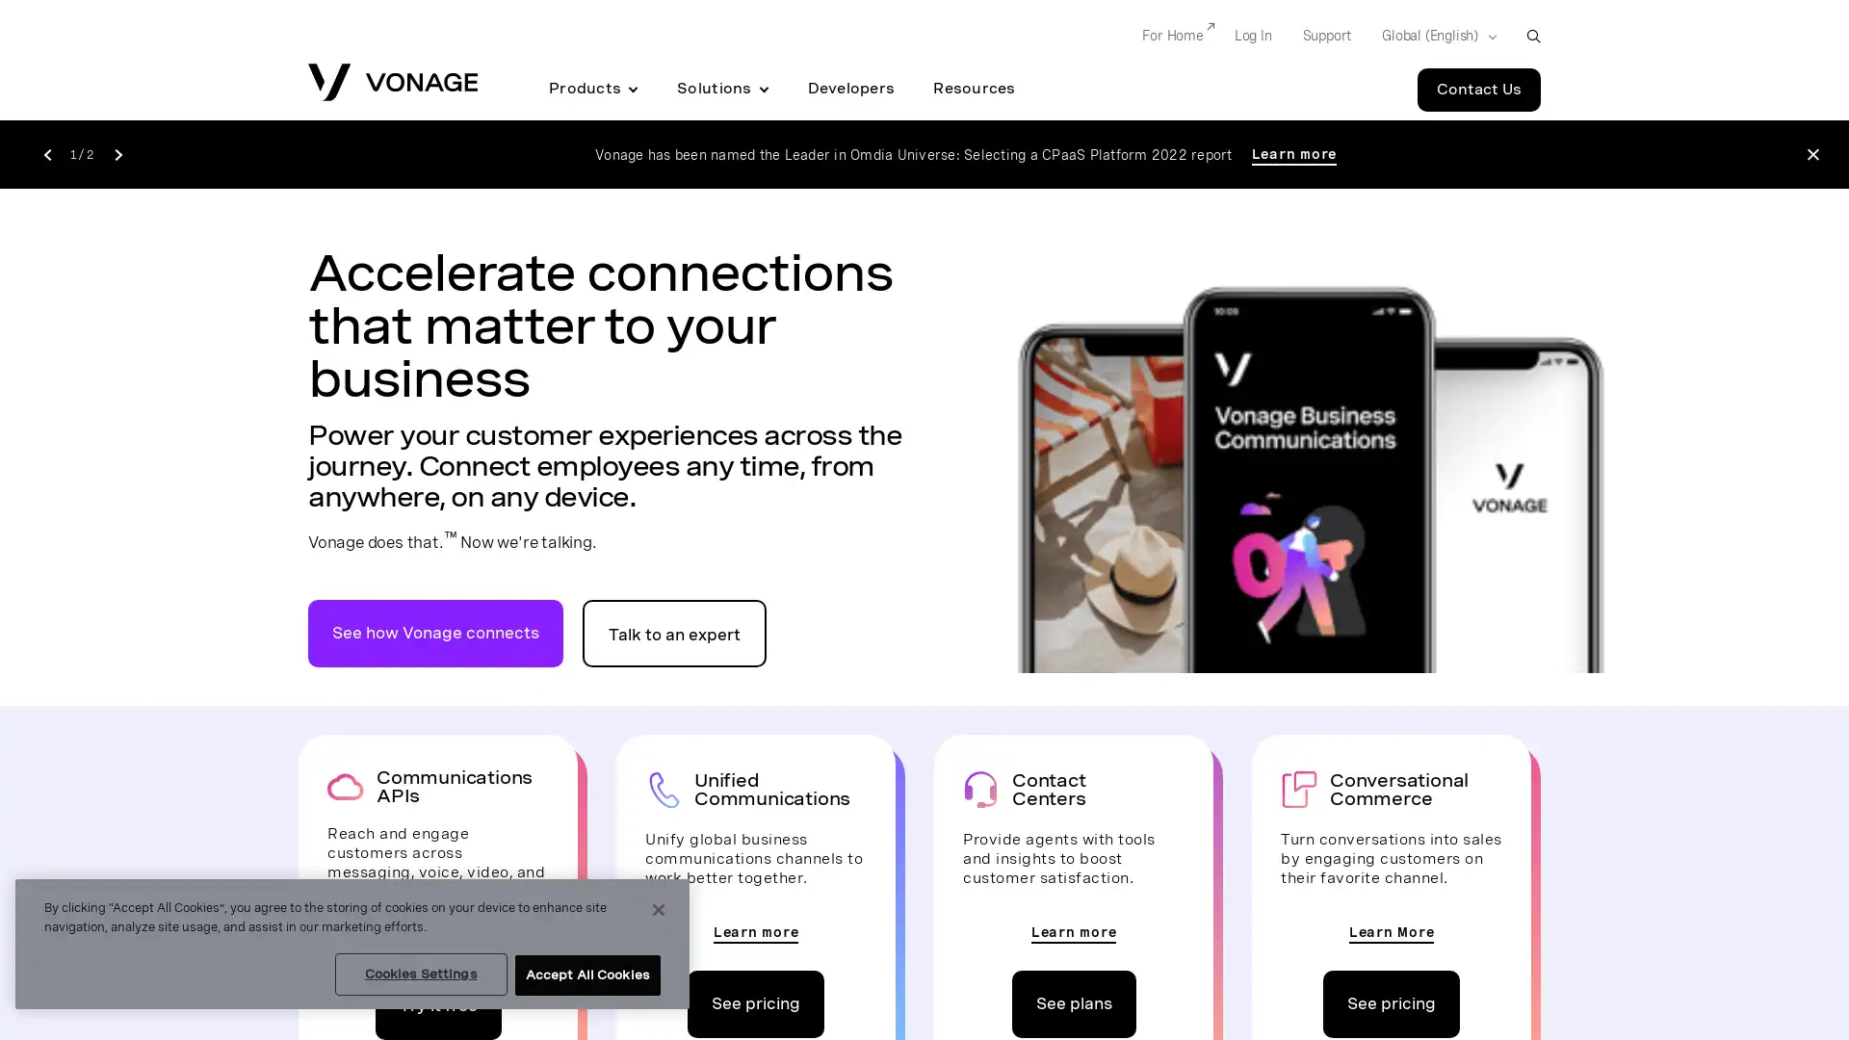  What do you see at coordinates (586, 975) in the screenshot?
I see `Accept All Cookies` at bounding box center [586, 975].